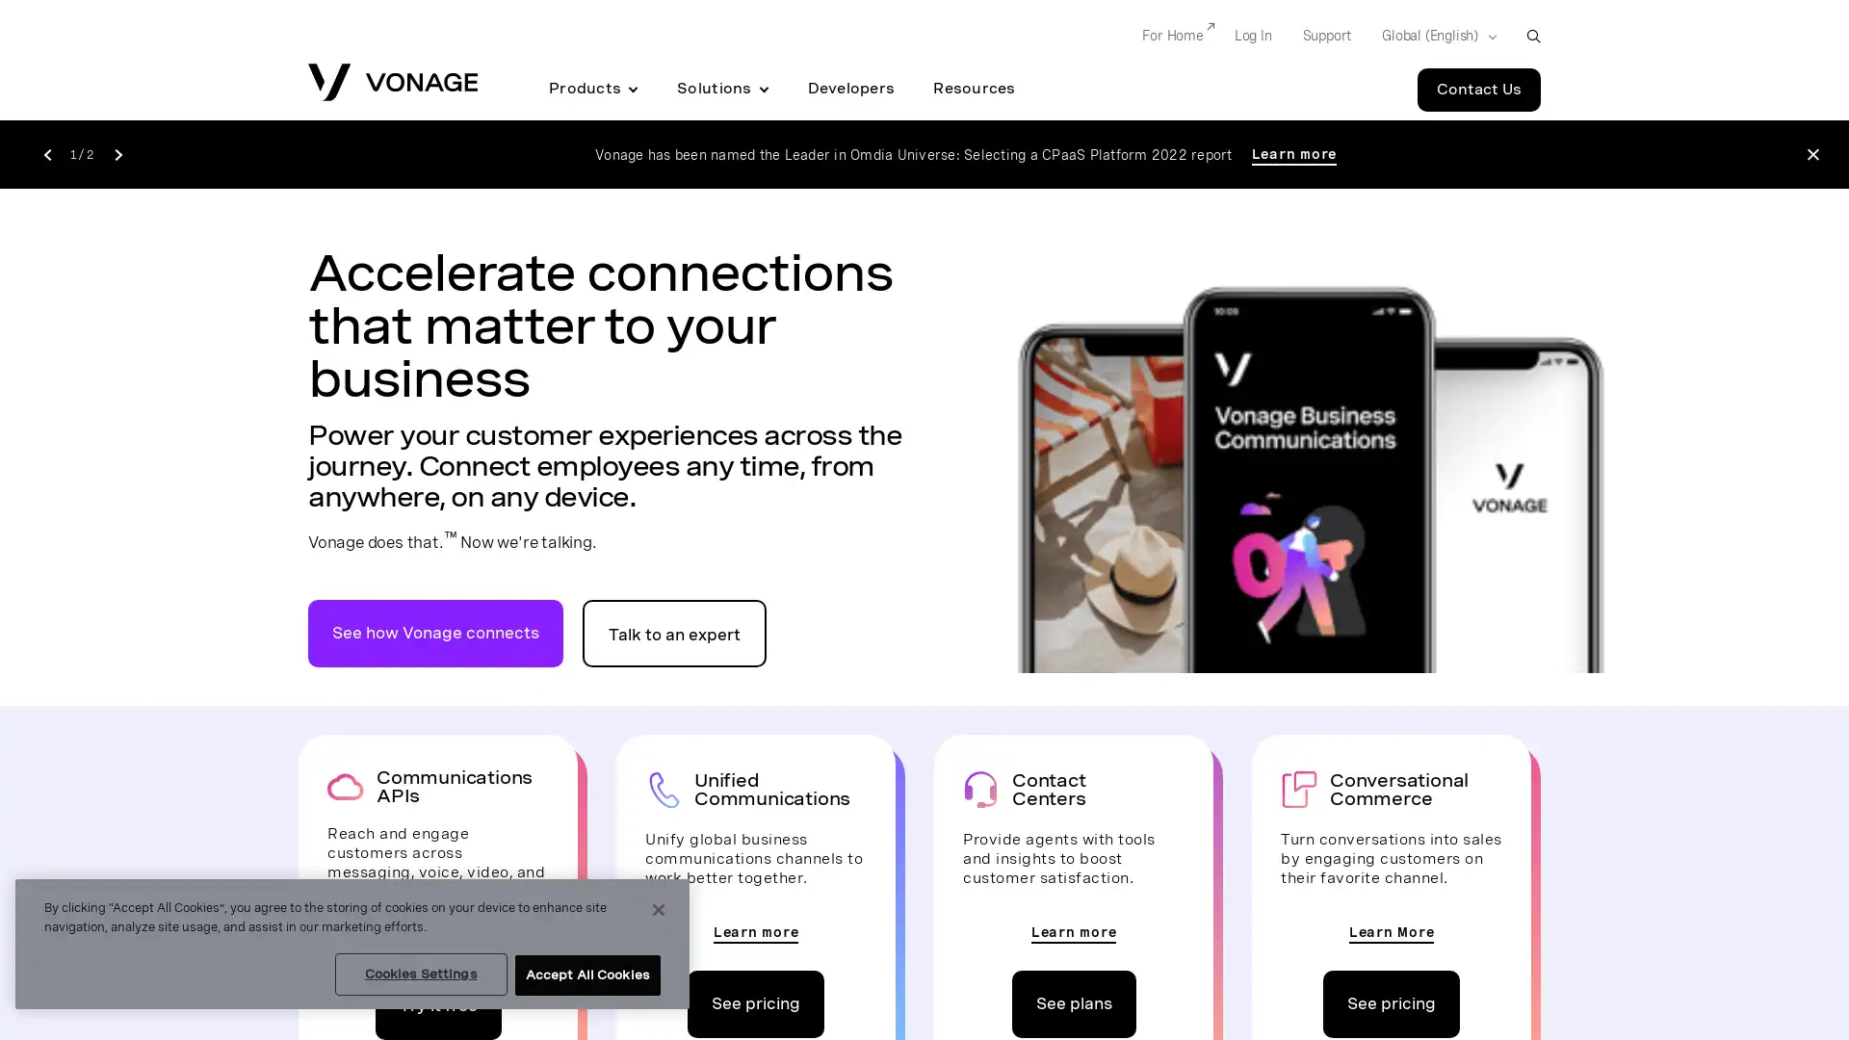  What do you see at coordinates (586, 975) in the screenshot?
I see `Accept All Cookies` at bounding box center [586, 975].